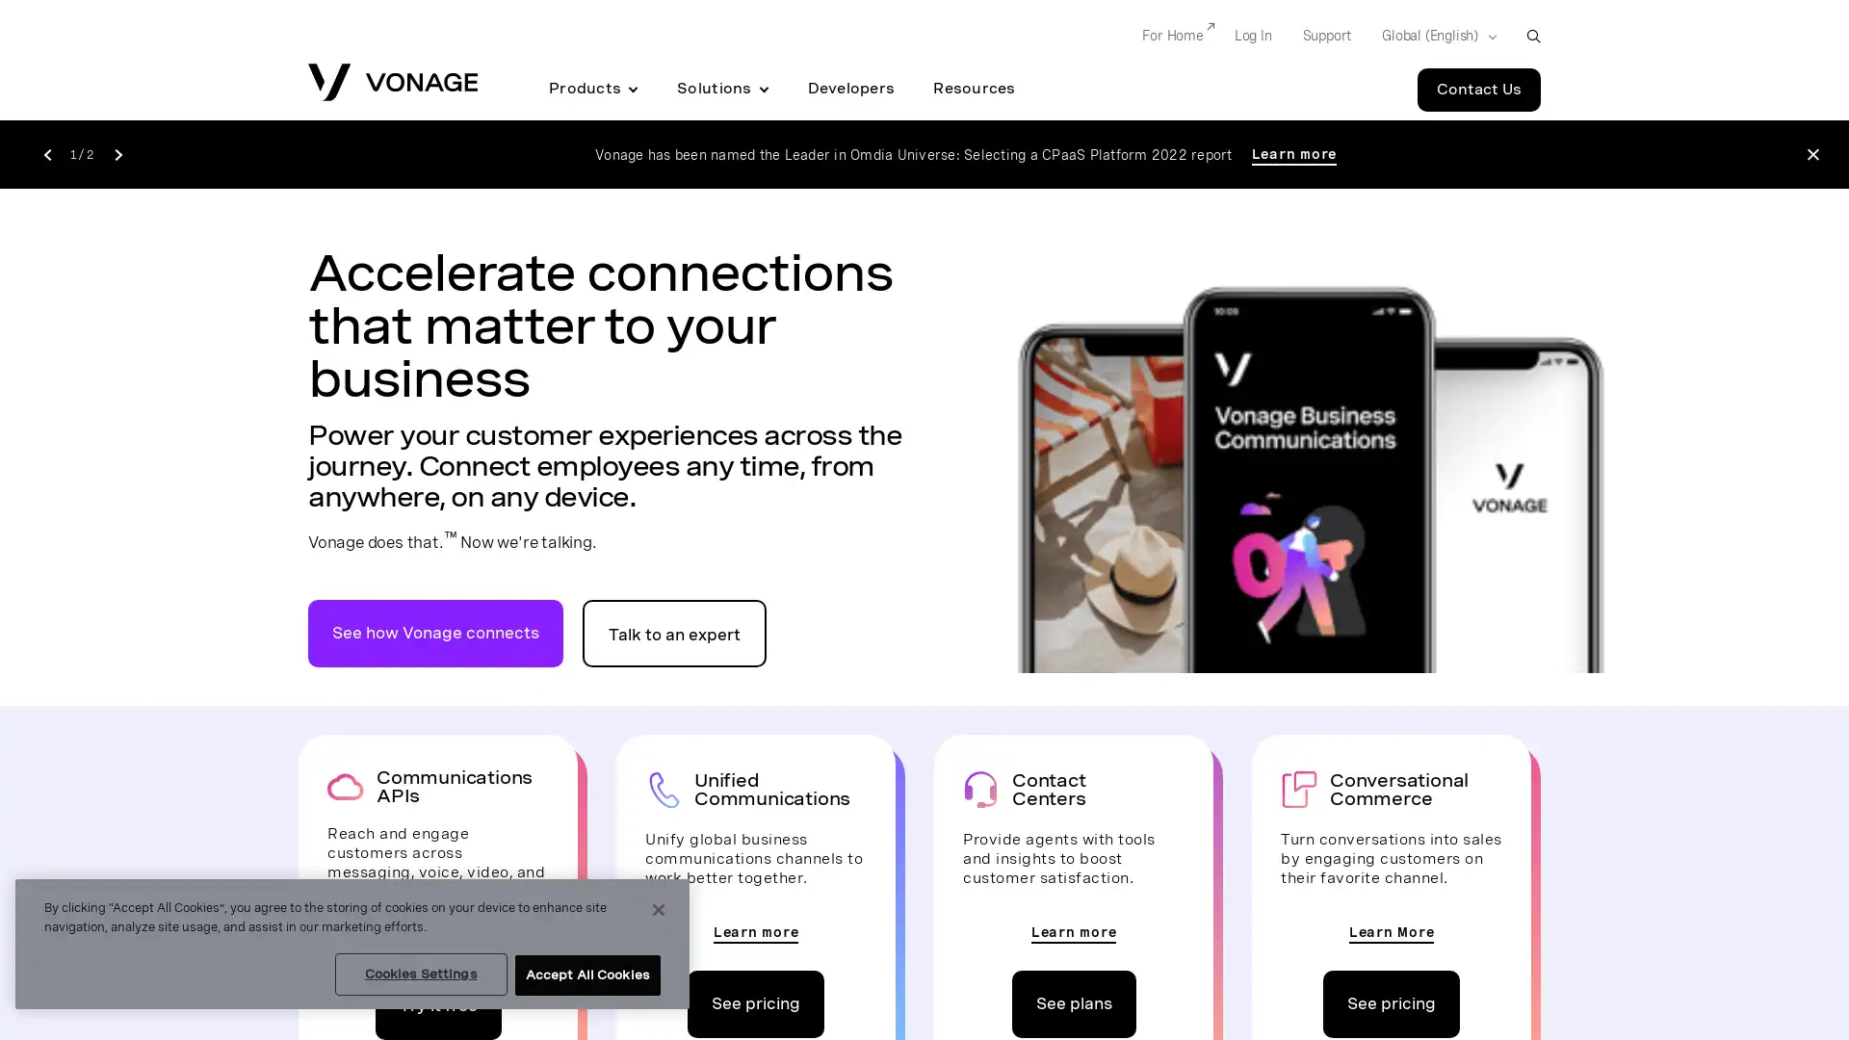  What do you see at coordinates (586, 975) in the screenshot?
I see `Accept All Cookies` at bounding box center [586, 975].